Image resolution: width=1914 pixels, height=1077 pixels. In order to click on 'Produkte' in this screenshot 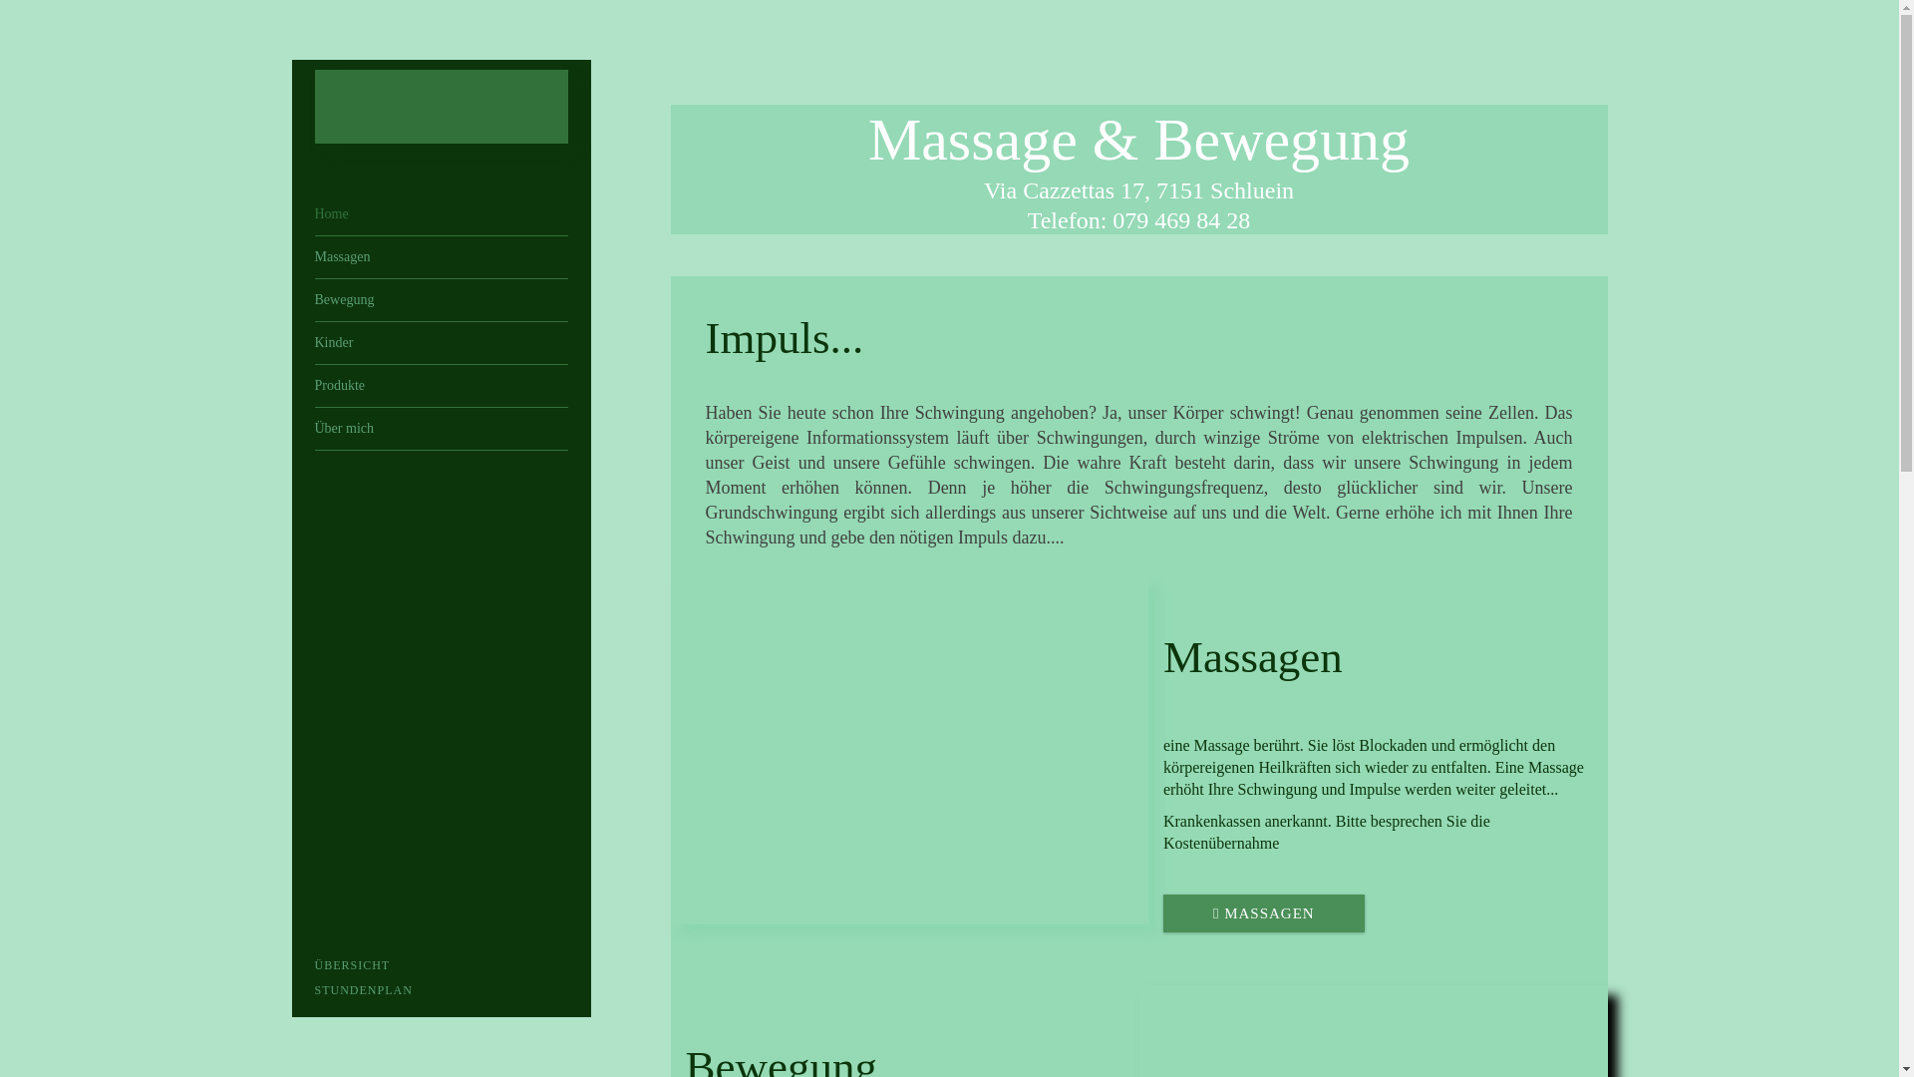, I will do `click(440, 385)`.